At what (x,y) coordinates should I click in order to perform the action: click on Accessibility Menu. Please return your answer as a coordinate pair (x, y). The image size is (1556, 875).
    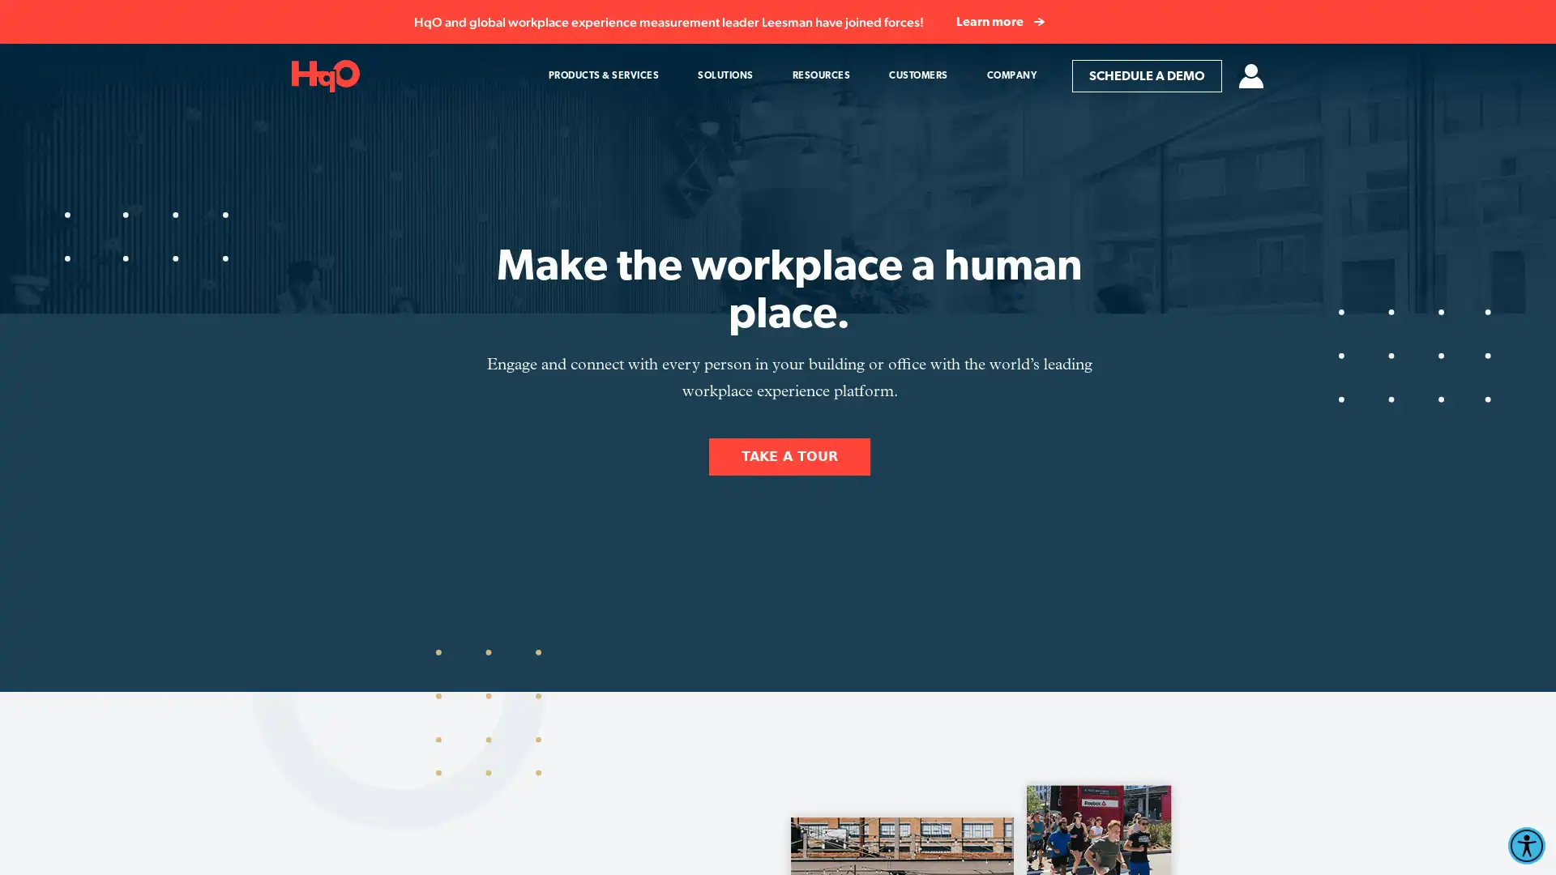
    Looking at the image, I should click on (1525, 845).